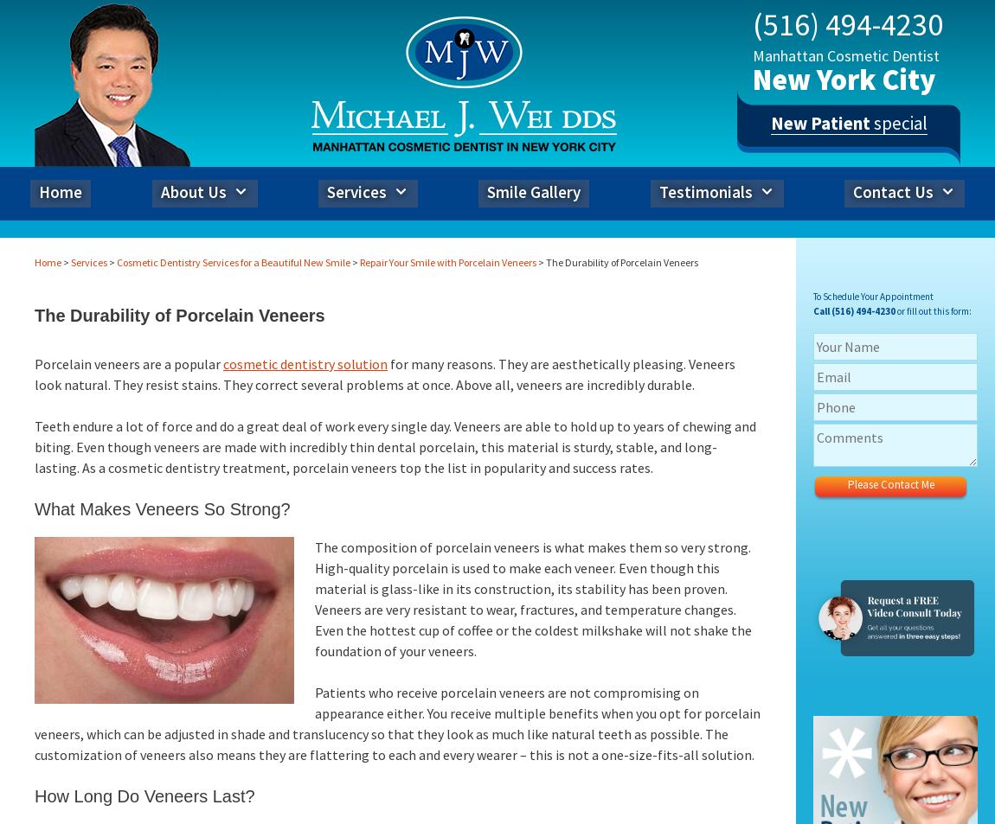  I want to click on 'How Long Do Veneers Last?', so click(143, 795).